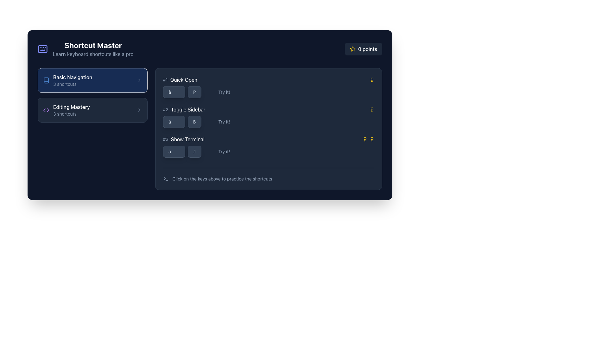 The height and width of the screenshot is (342, 608). Describe the element at coordinates (165, 79) in the screenshot. I see `the static text label element displaying '#1', which is styled in a smaller font size and light slate grey color, located in the upper-right card component, positioned to the left of the 'Quick Open' text` at that location.